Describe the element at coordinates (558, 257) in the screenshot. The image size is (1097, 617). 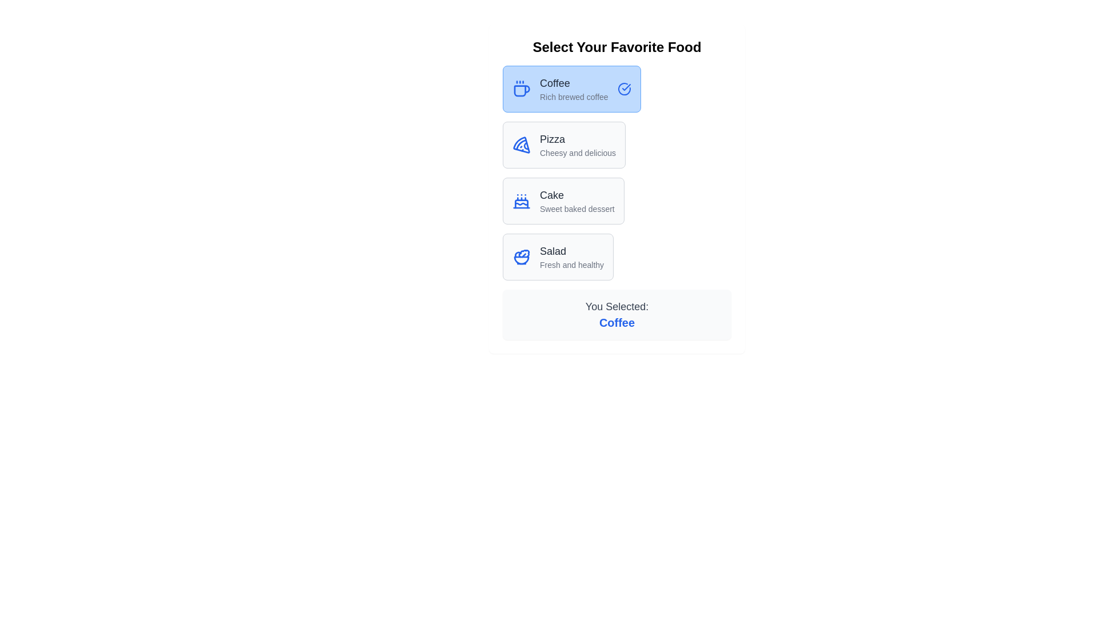
I see `the interactive button for 'Salad', which is the fourth item in the vertically stacked list, positioned between 'Cake' above and 'You Selected:' below` at that location.